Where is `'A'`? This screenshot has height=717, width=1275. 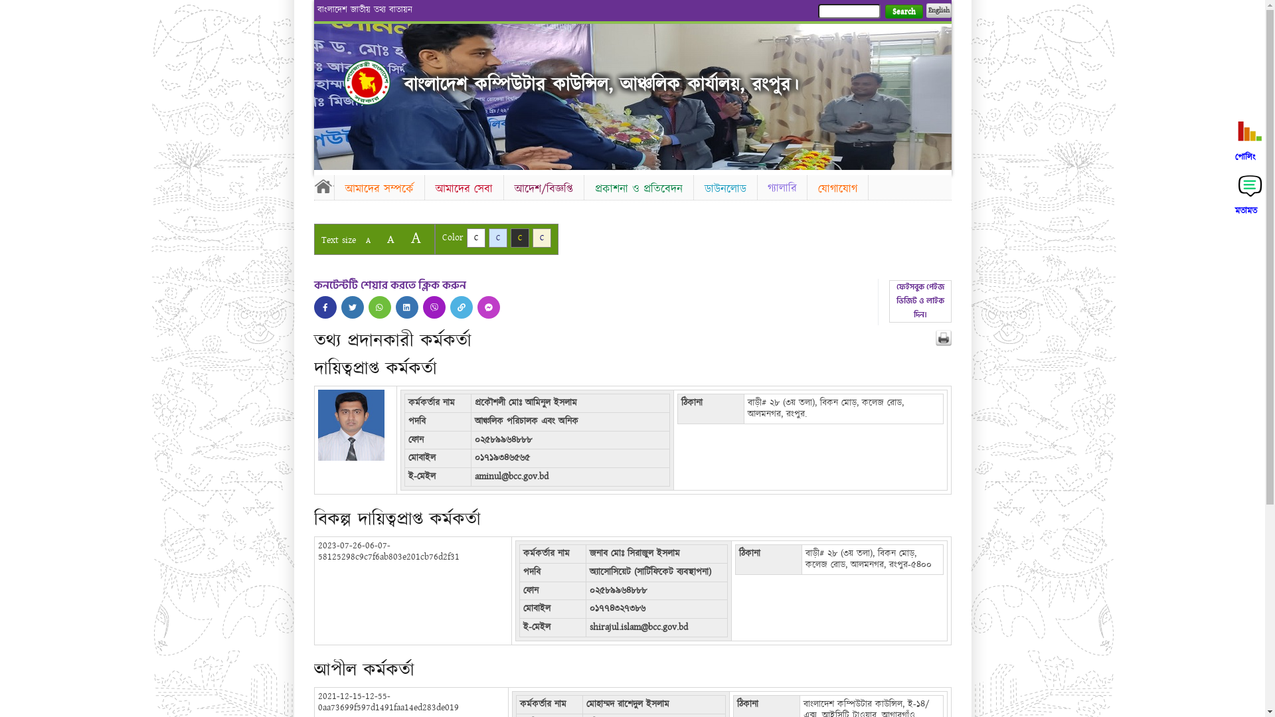 'A' is located at coordinates (367, 240).